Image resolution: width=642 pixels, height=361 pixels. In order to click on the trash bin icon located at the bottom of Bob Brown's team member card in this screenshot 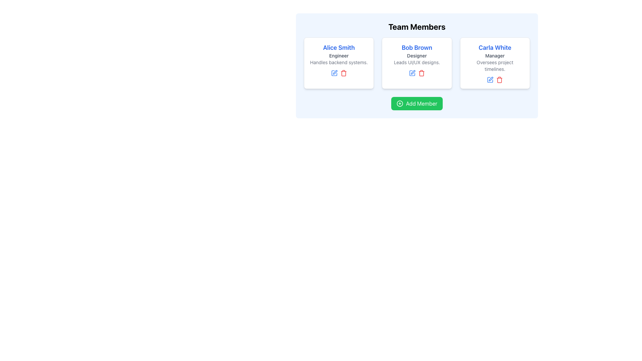, I will do `click(421, 74)`.